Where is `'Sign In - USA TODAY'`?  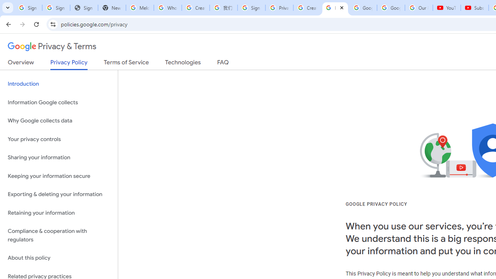 'Sign In - USA TODAY' is located at coordinates (84, 8).